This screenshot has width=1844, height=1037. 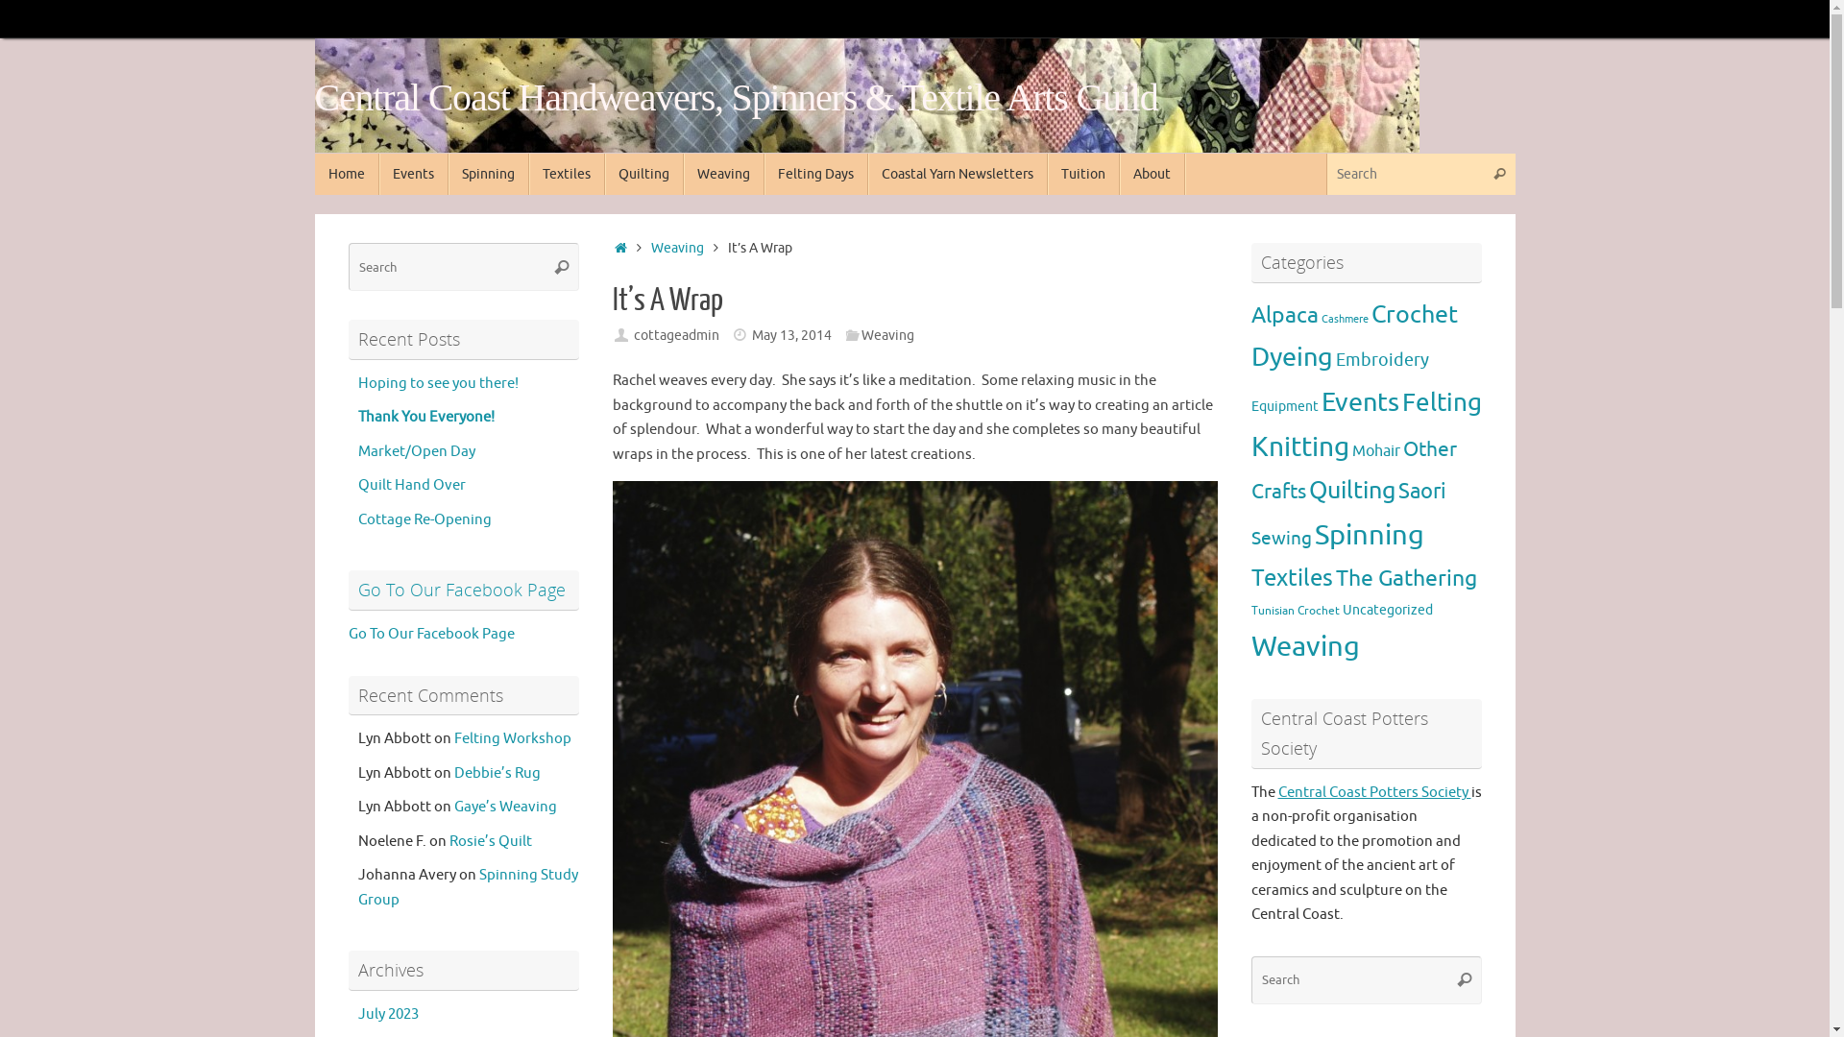 I want to click on 'Saori', so click(x=1422, y=490).